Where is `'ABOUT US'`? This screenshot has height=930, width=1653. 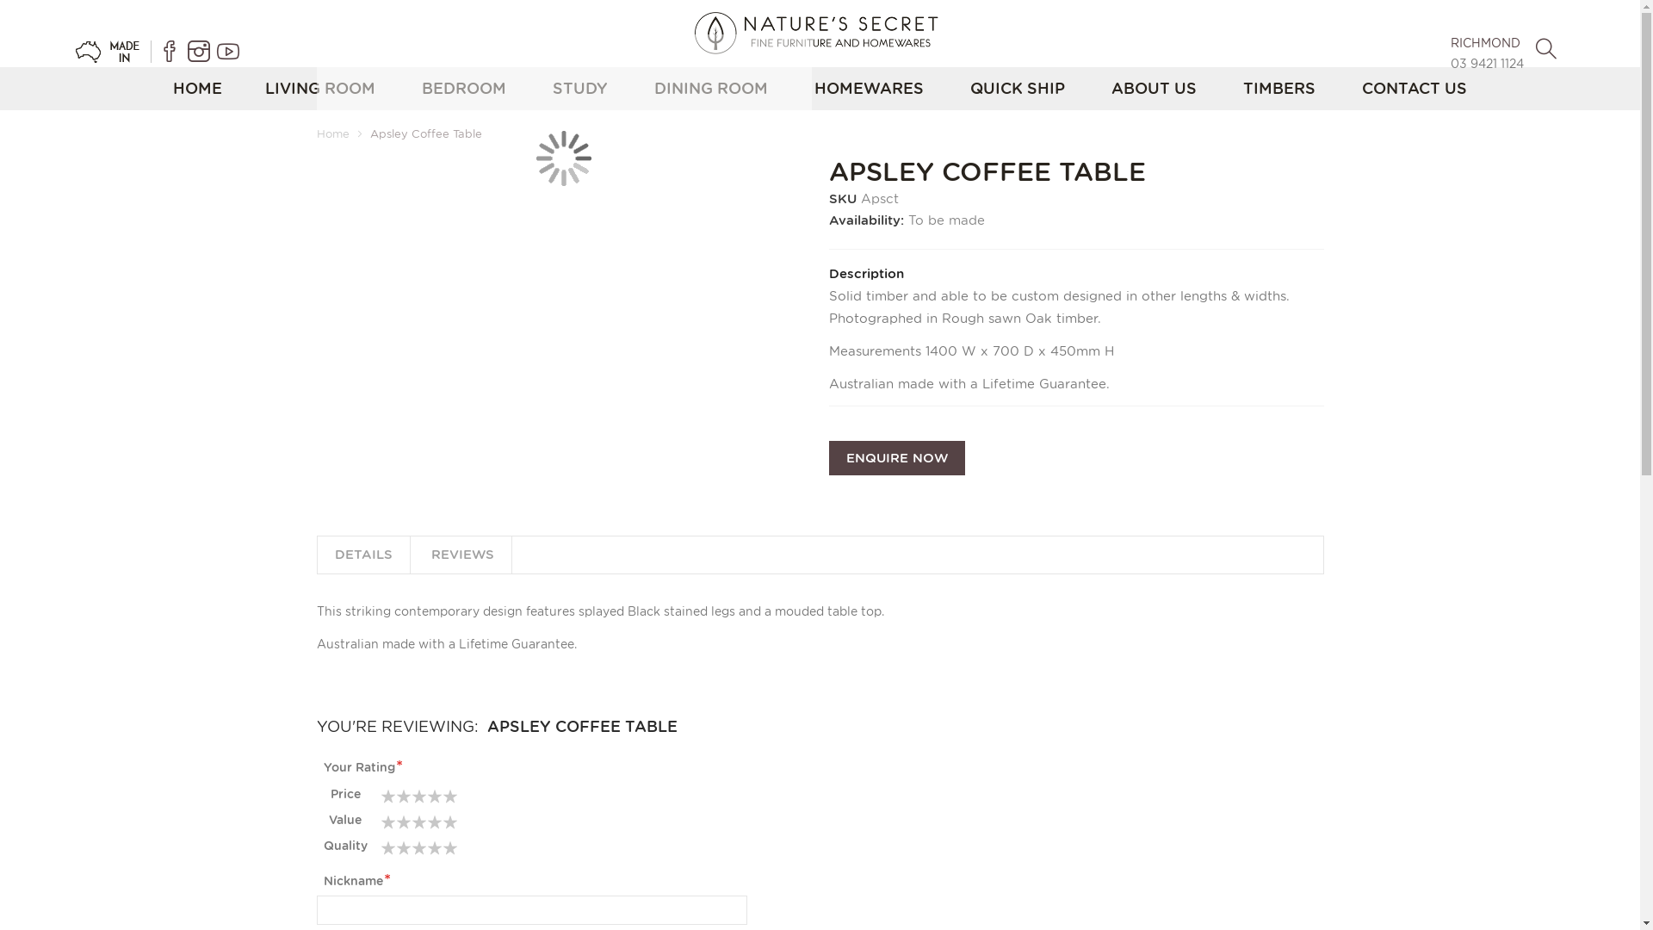
'ABOUT US' is located at coordinates (1154, 89).